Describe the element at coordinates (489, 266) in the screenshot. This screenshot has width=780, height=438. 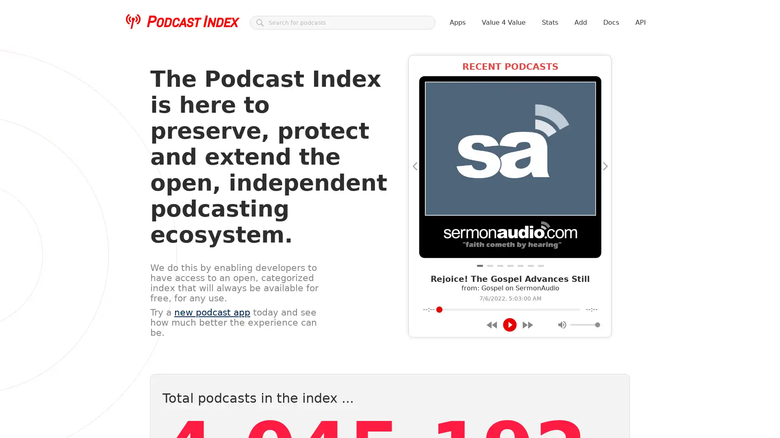
I see `Lessons or Examples?` at that location.